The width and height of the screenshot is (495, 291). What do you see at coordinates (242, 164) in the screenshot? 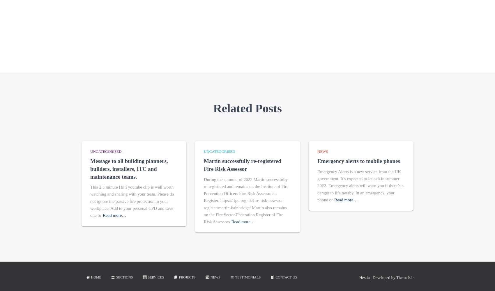
I see `'Martin successfully re-registered Fire Risk Assessor'` at bounding box center [242, 164].